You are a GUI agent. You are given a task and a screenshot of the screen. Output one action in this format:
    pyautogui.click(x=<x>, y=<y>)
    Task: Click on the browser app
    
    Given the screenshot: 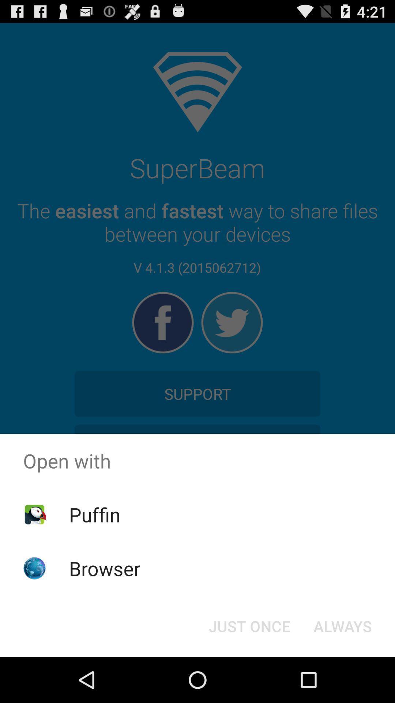 What is the action you would take?
    pyautogui.click(x=105, y=568)
    